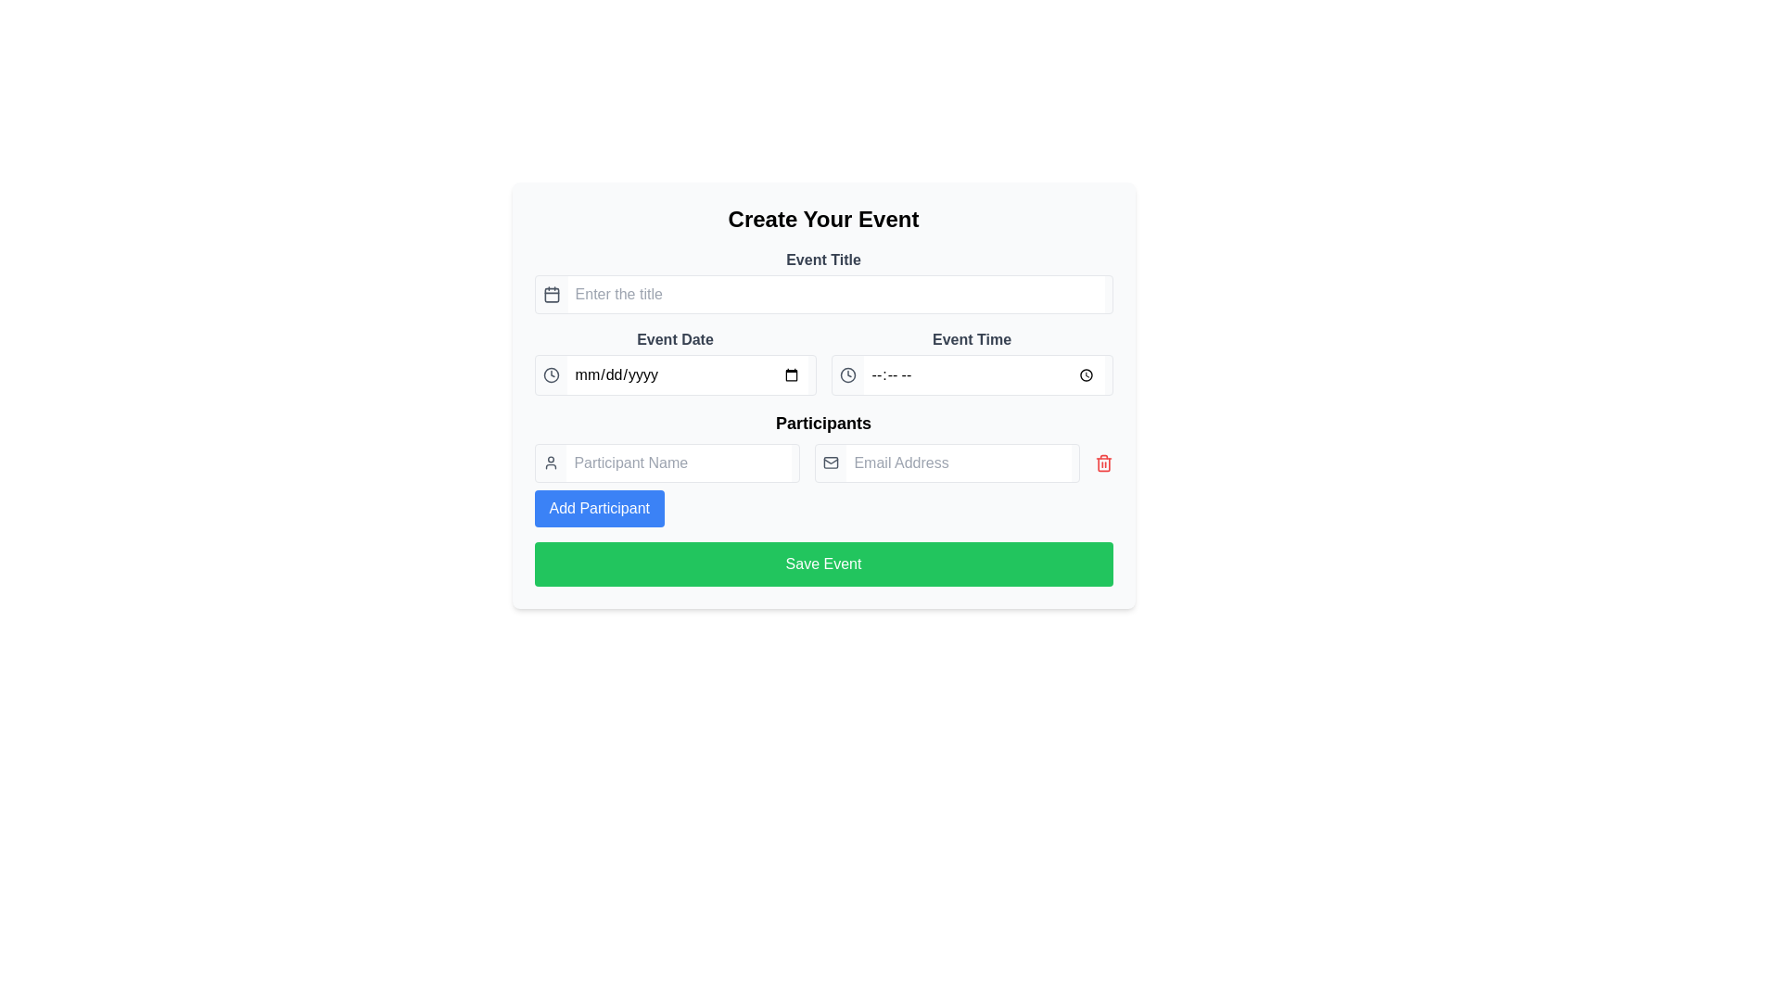 Image resolution: width=1780 pixels, height=1001 pixels. I want to click on the circular shape graphic of the clock icon, which serves as the outer boundary surrounding the clock's hands in the 'Create Your Event' interface, so click(846, 375).